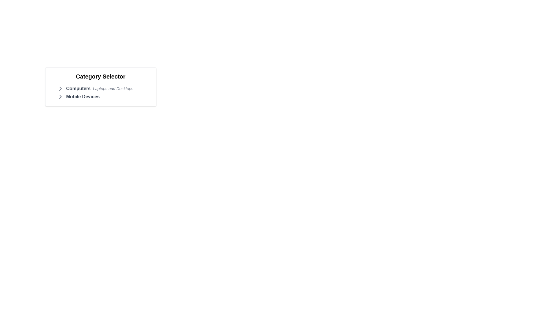  I want to click on the small rightward arrow icon next to the 'Mobile Devices' text in the 'Category Selector' section to indicate navigation or expand functionality, so click(60, 97).